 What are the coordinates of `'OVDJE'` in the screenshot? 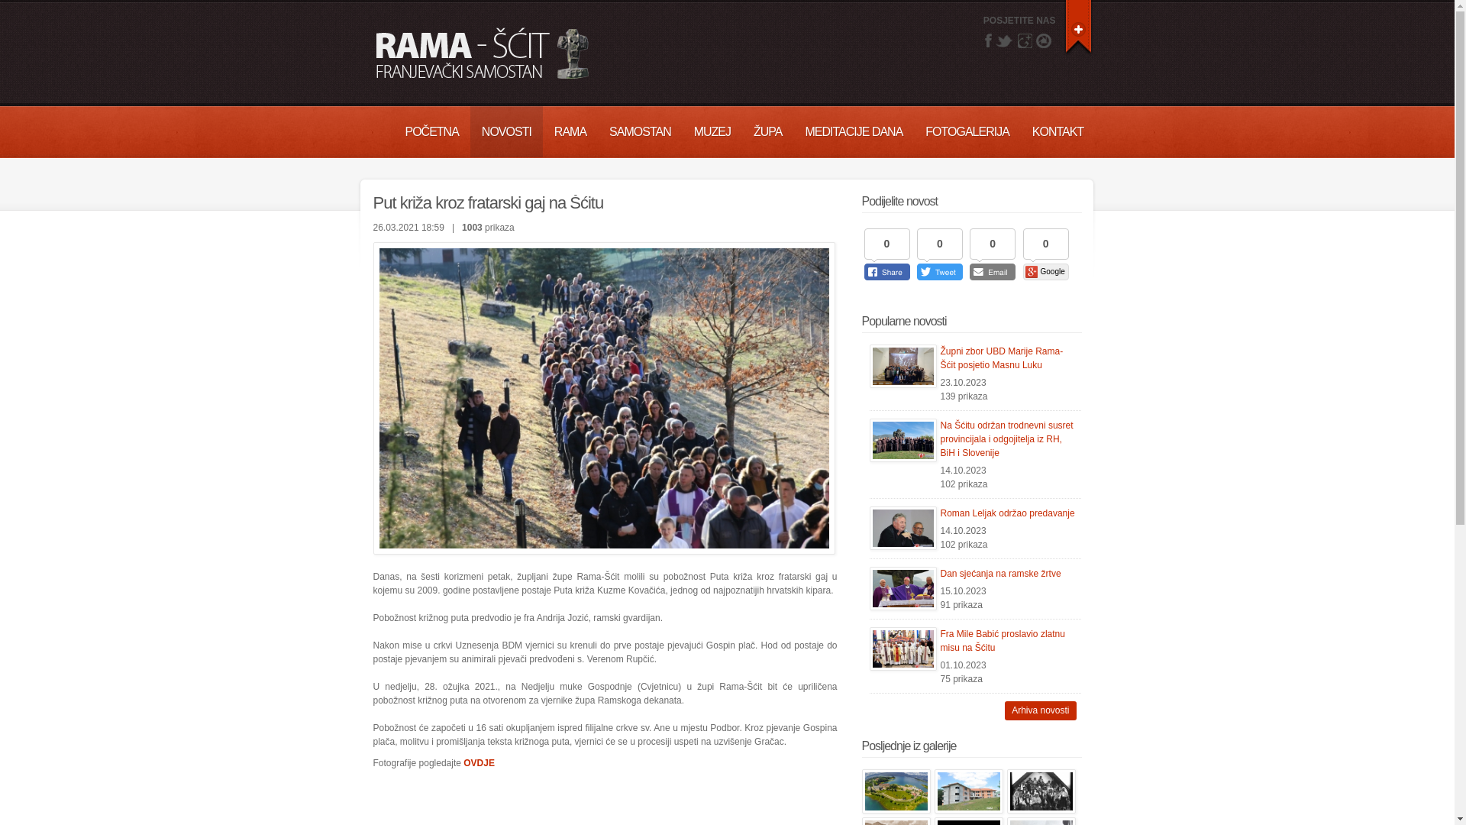 It's located at (478, 763).